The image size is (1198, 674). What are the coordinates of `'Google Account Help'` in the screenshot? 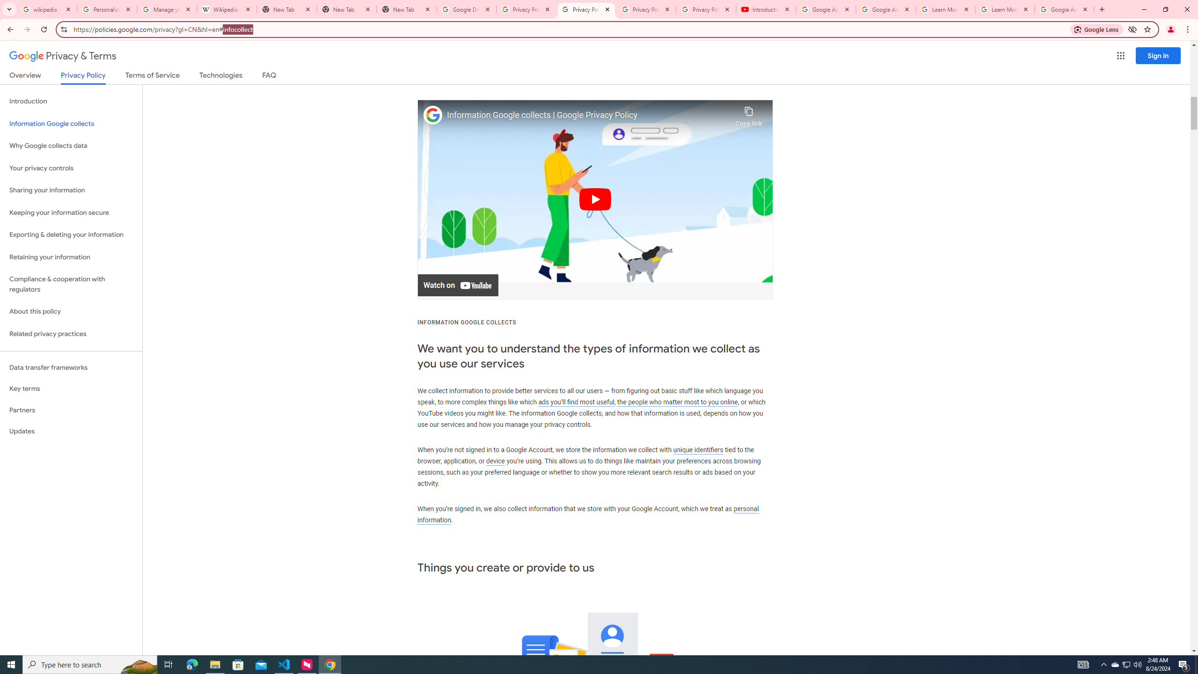 It's located at (826, 9).